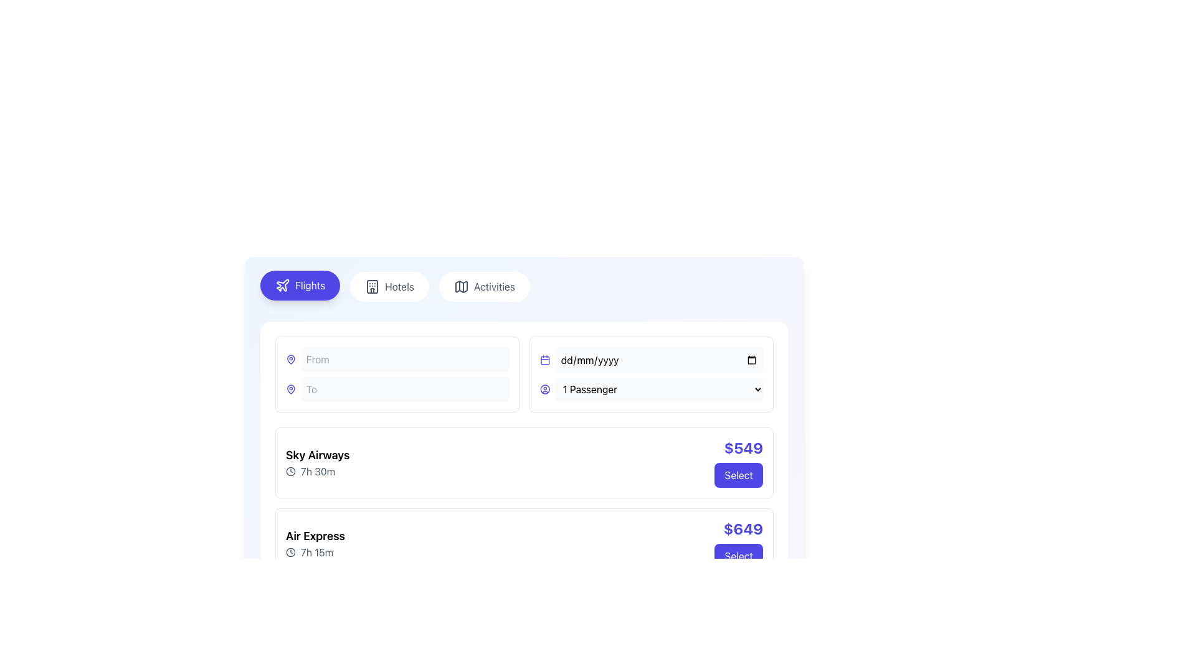 This screenshot has width=1196, height=672. I want to click on the 'Flights' icon located in the top-left area of the interface, so click(282, 285).